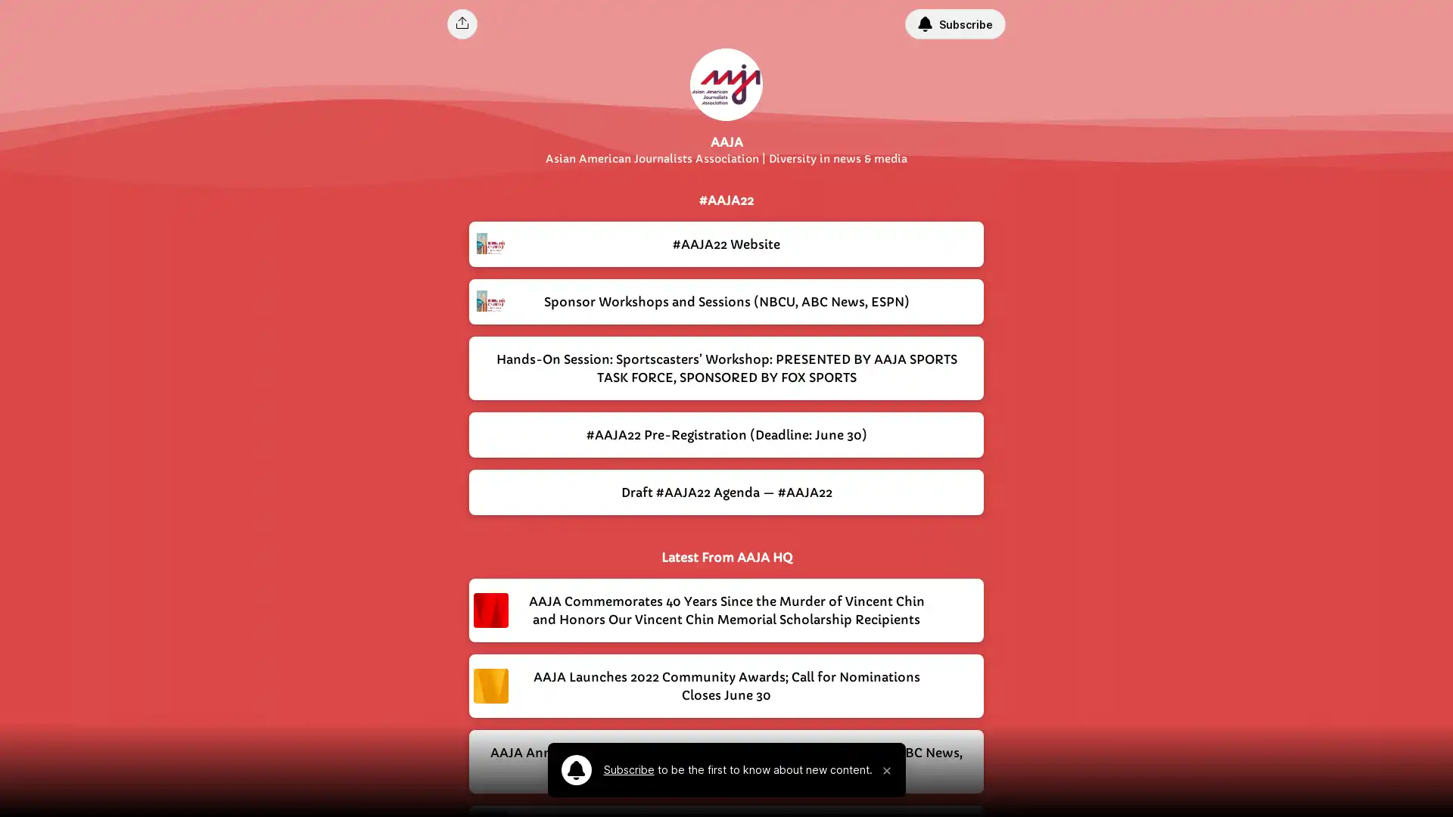  What do you see at coordinates (1112, 782) in the screenshot?
I see `Cookie Preferences` at bounding box center [1112, 782].